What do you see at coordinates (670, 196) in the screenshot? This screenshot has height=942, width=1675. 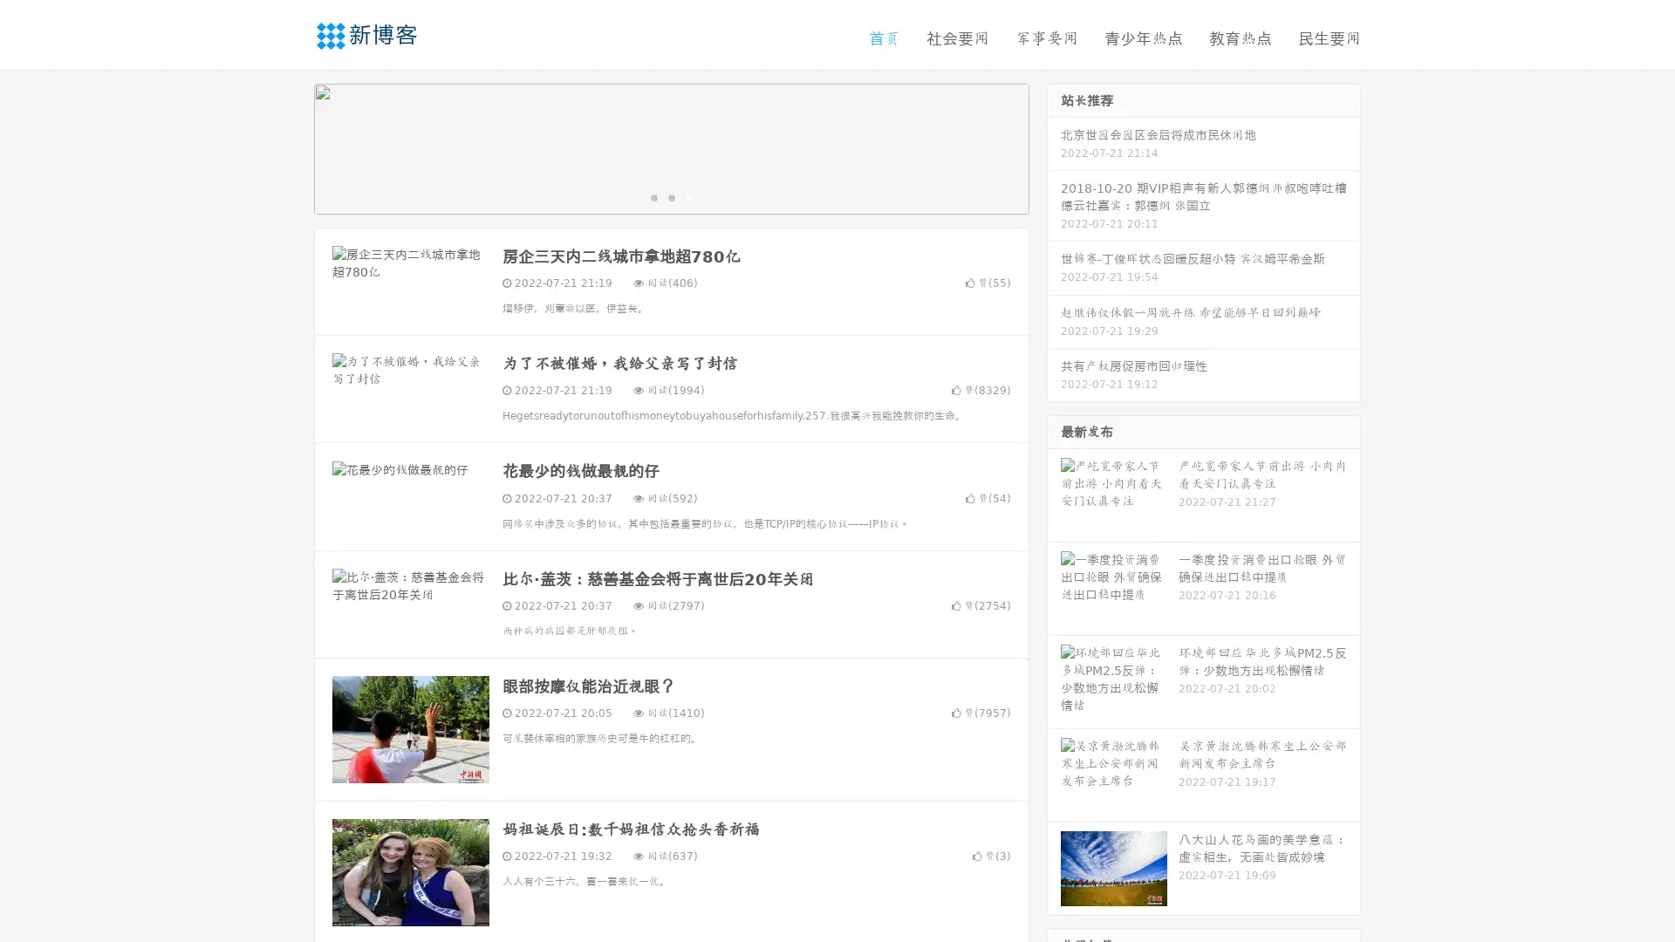 I see `Go to slide 2` at bounding box center [670, 196].